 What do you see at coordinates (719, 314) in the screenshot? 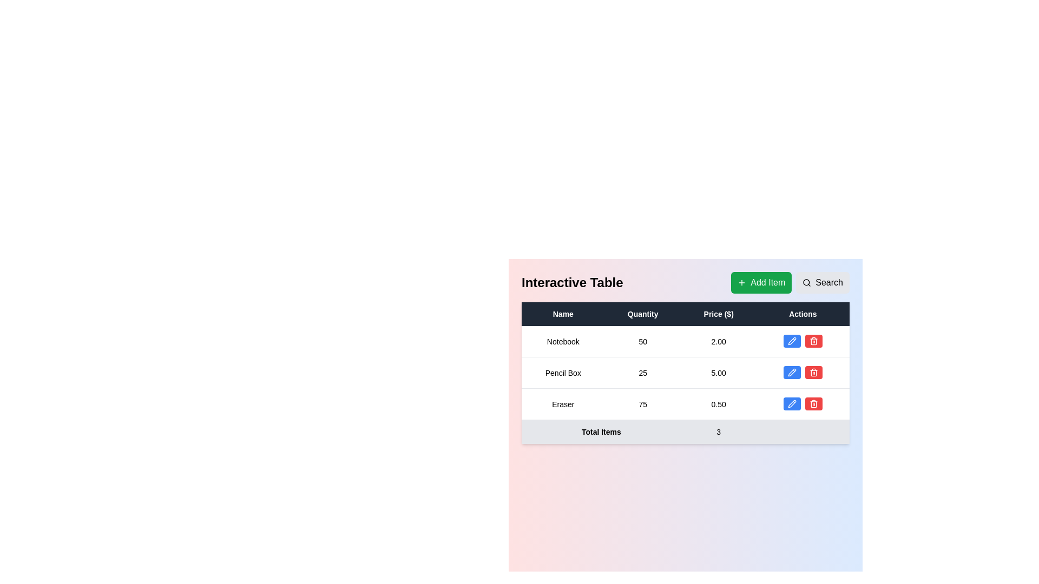
I see `the 'Price ($)' table column header, which is the third column header in a dark header row of a table, located between 'Quantity' and 'Actions'` at bounding box center [719, 314].